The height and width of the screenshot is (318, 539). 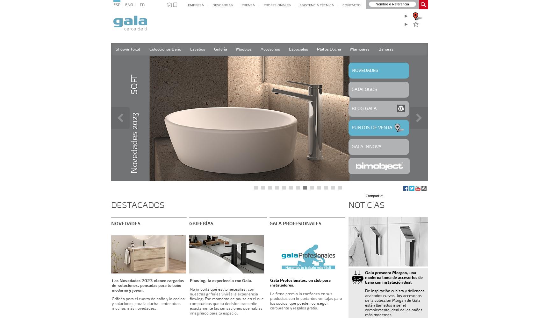 What do you see at coordinates (165, 50) in the screenshot?
I see `'Colecciones Baño'` at bounding box center [165, 50].